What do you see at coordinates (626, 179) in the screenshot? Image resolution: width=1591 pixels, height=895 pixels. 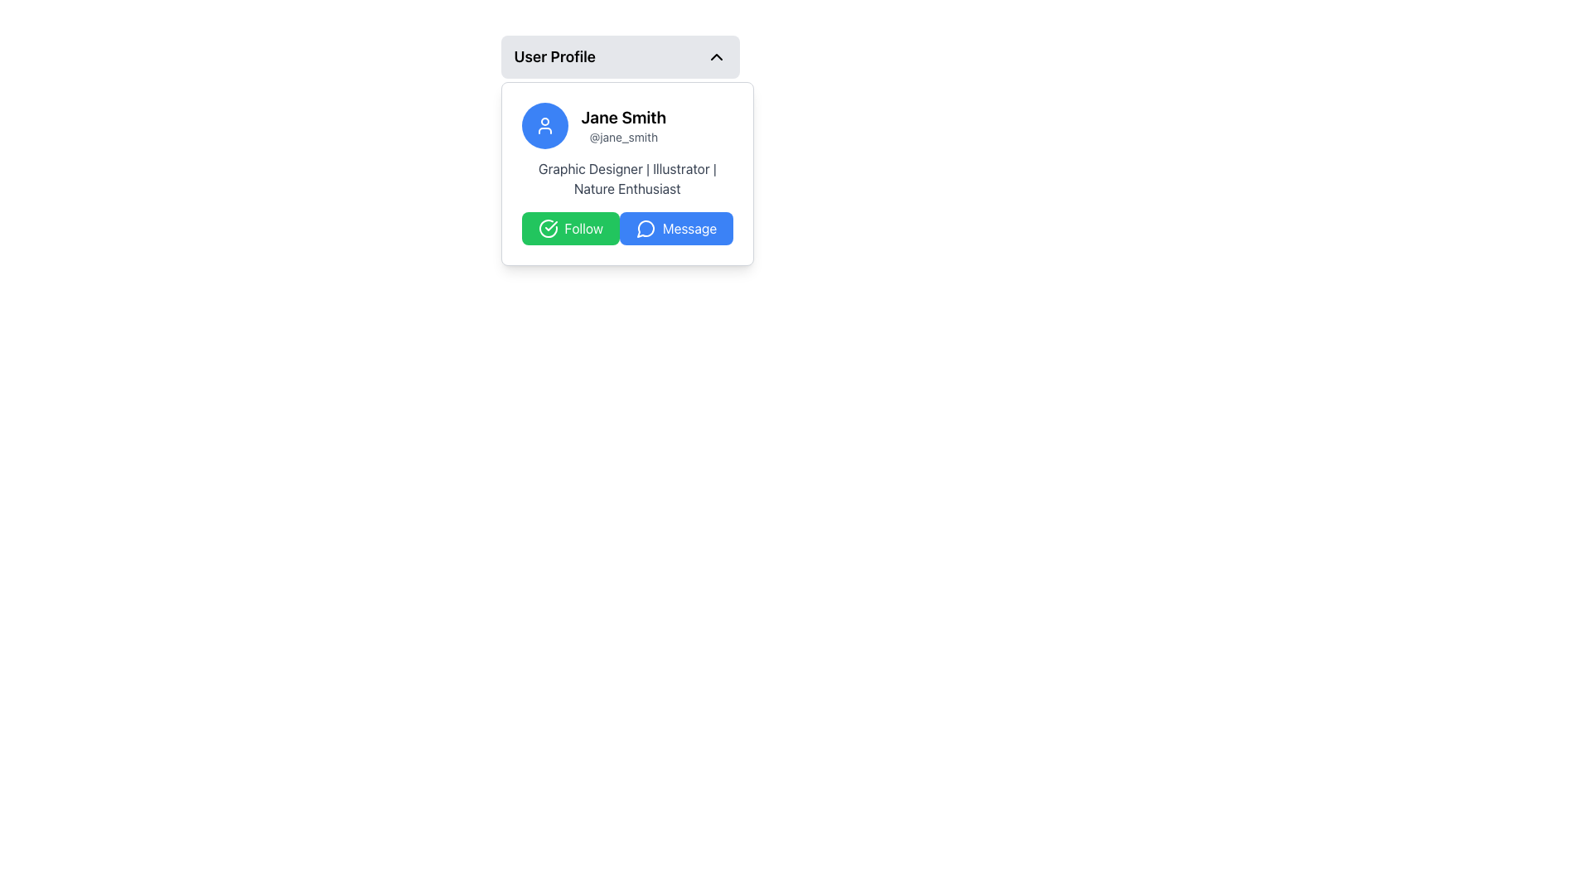 I see `the text element displaying 'Graphic Designer | Illustrator | Nature Enthusiast' located below the name 'Jane Smith' in the user profile card` at bounding box center [626, 179].